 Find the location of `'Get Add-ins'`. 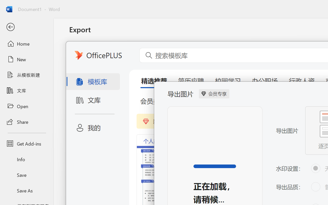

'Get Add-ins' is located at coordinates (26, 143).